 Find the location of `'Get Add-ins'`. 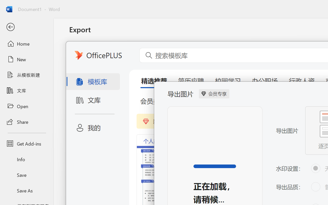

'Get Add-ins' is located at coordinates (26, 143).